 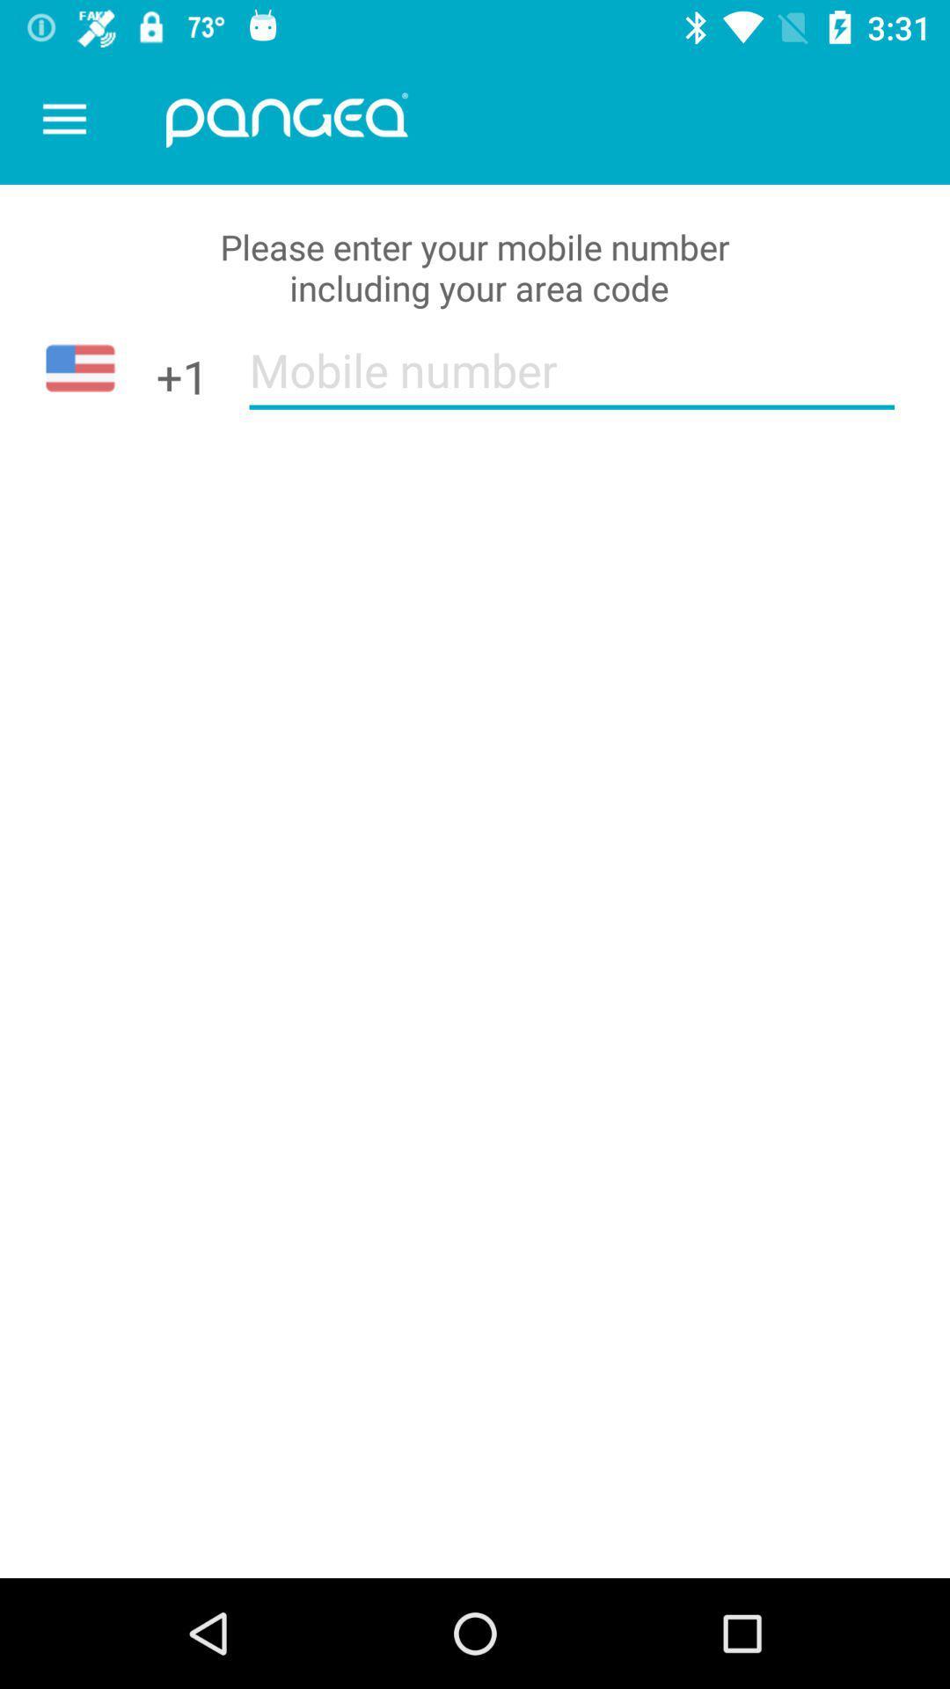 I want to click on the item to the right of +1, so click(x=572, y=381).